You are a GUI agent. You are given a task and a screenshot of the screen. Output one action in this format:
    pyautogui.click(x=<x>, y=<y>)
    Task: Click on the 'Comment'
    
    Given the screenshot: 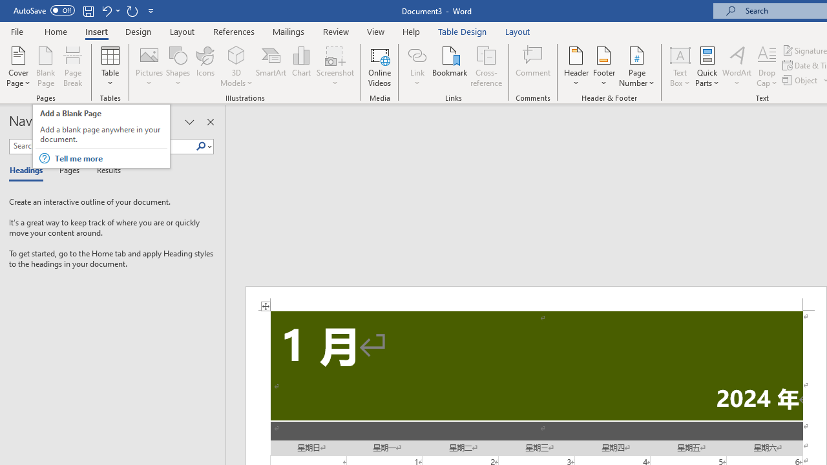 What is the action you would take?
    pyautogui.click(x=533, y=67)
    